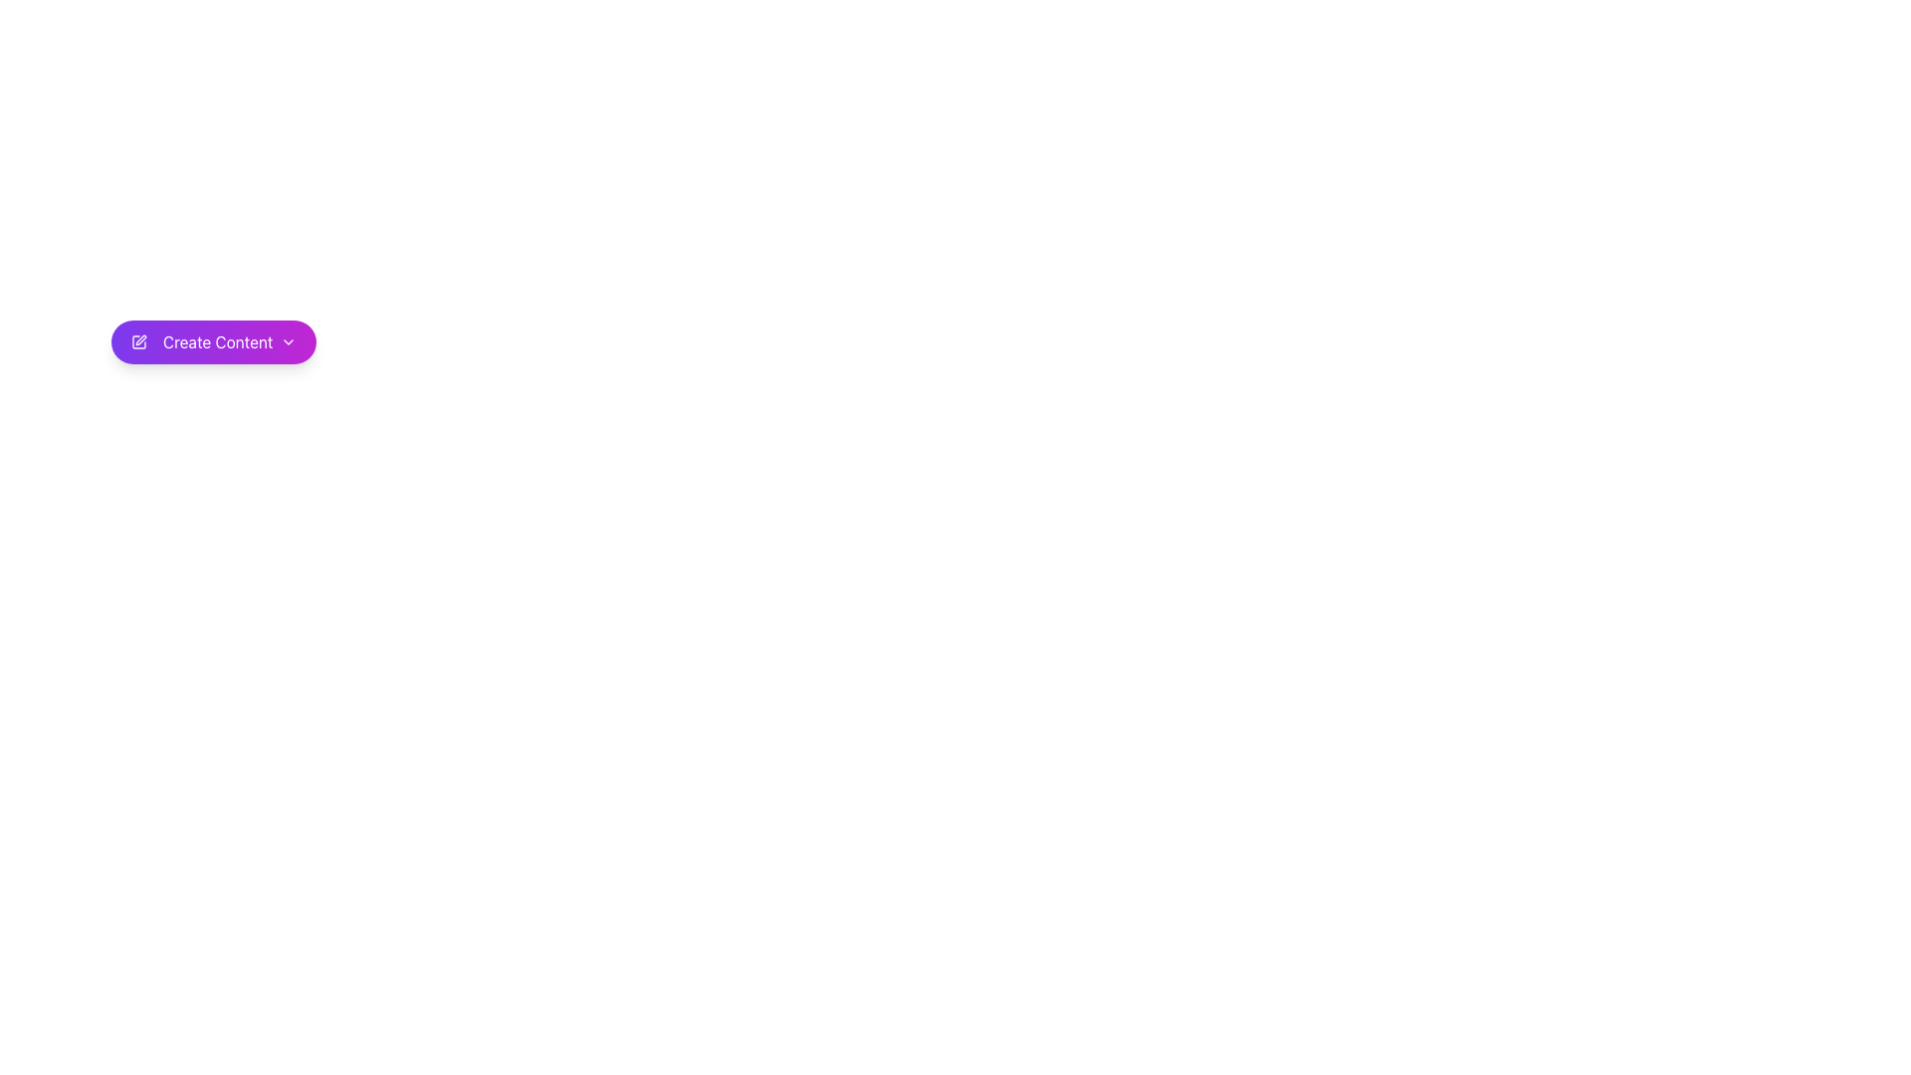 This screenshot has height=1075, width=1911. Describe the element at coordinates (214, 340) in the screenshot. I see `the 'Create Content' button with a purple gradient background` at that location.